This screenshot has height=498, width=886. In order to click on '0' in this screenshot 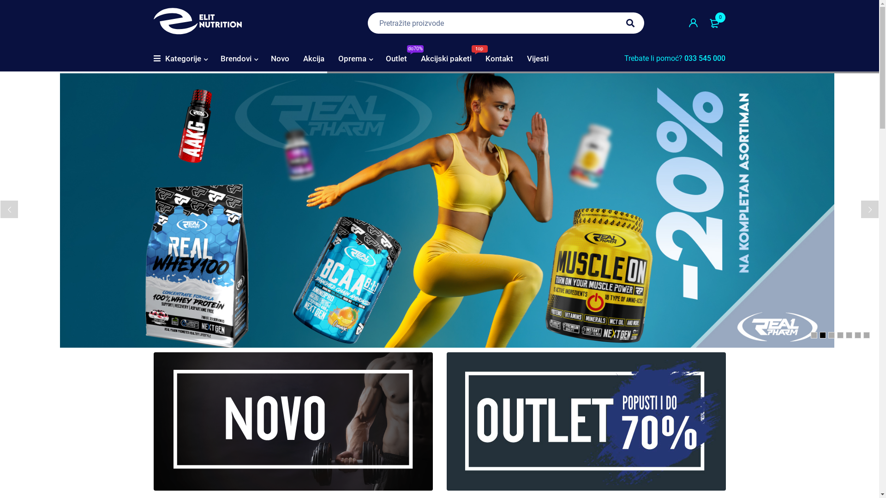, I will do `click(704, 23)`.